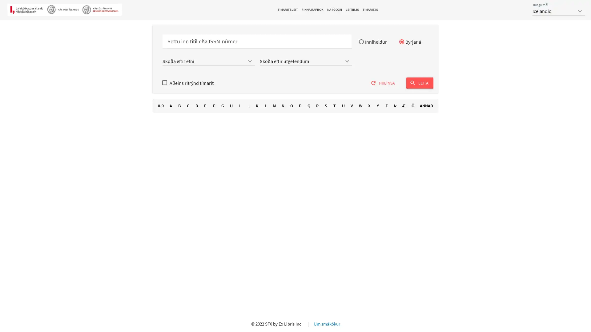  Describe the element at coordinates (419, 83) in the screenshot. I see `search   LEITA` at that location.